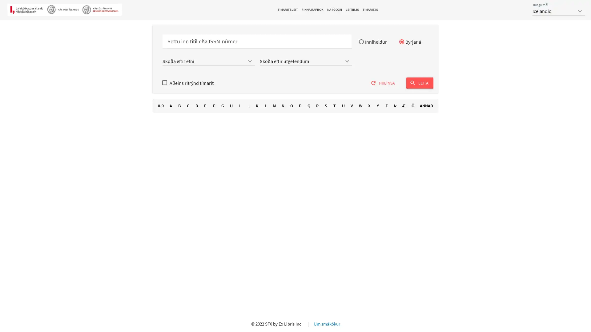  Describe the element at coordinates (419, 83) in the screenshot. I see `search   LEITA` at that location.